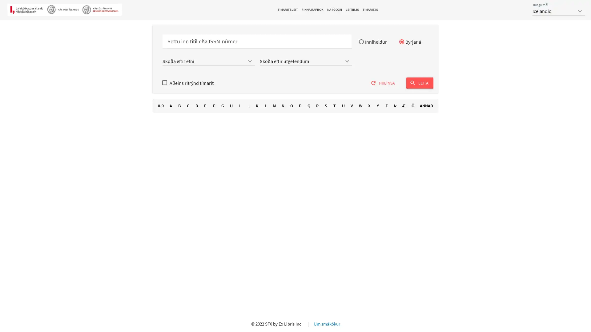  Describe the element at coordinates (419, 83) in the screenshot. I see `search   LEITA` at that location.